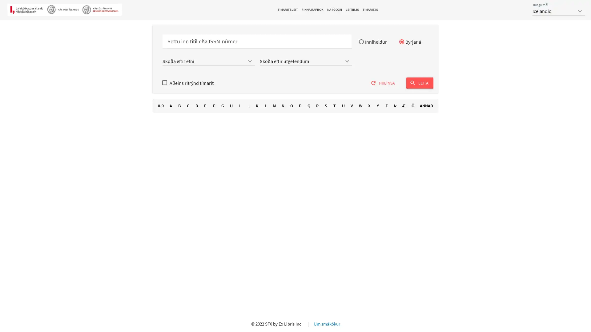  Describe the element at coordinates (419, 83) in the screenshot. I see `search   LEITA` at that location.